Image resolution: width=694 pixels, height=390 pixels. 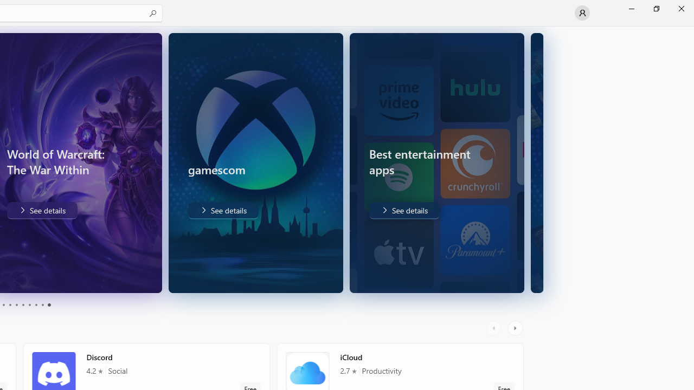 I want to click on 'Page 3', so click(x=3, y=305).